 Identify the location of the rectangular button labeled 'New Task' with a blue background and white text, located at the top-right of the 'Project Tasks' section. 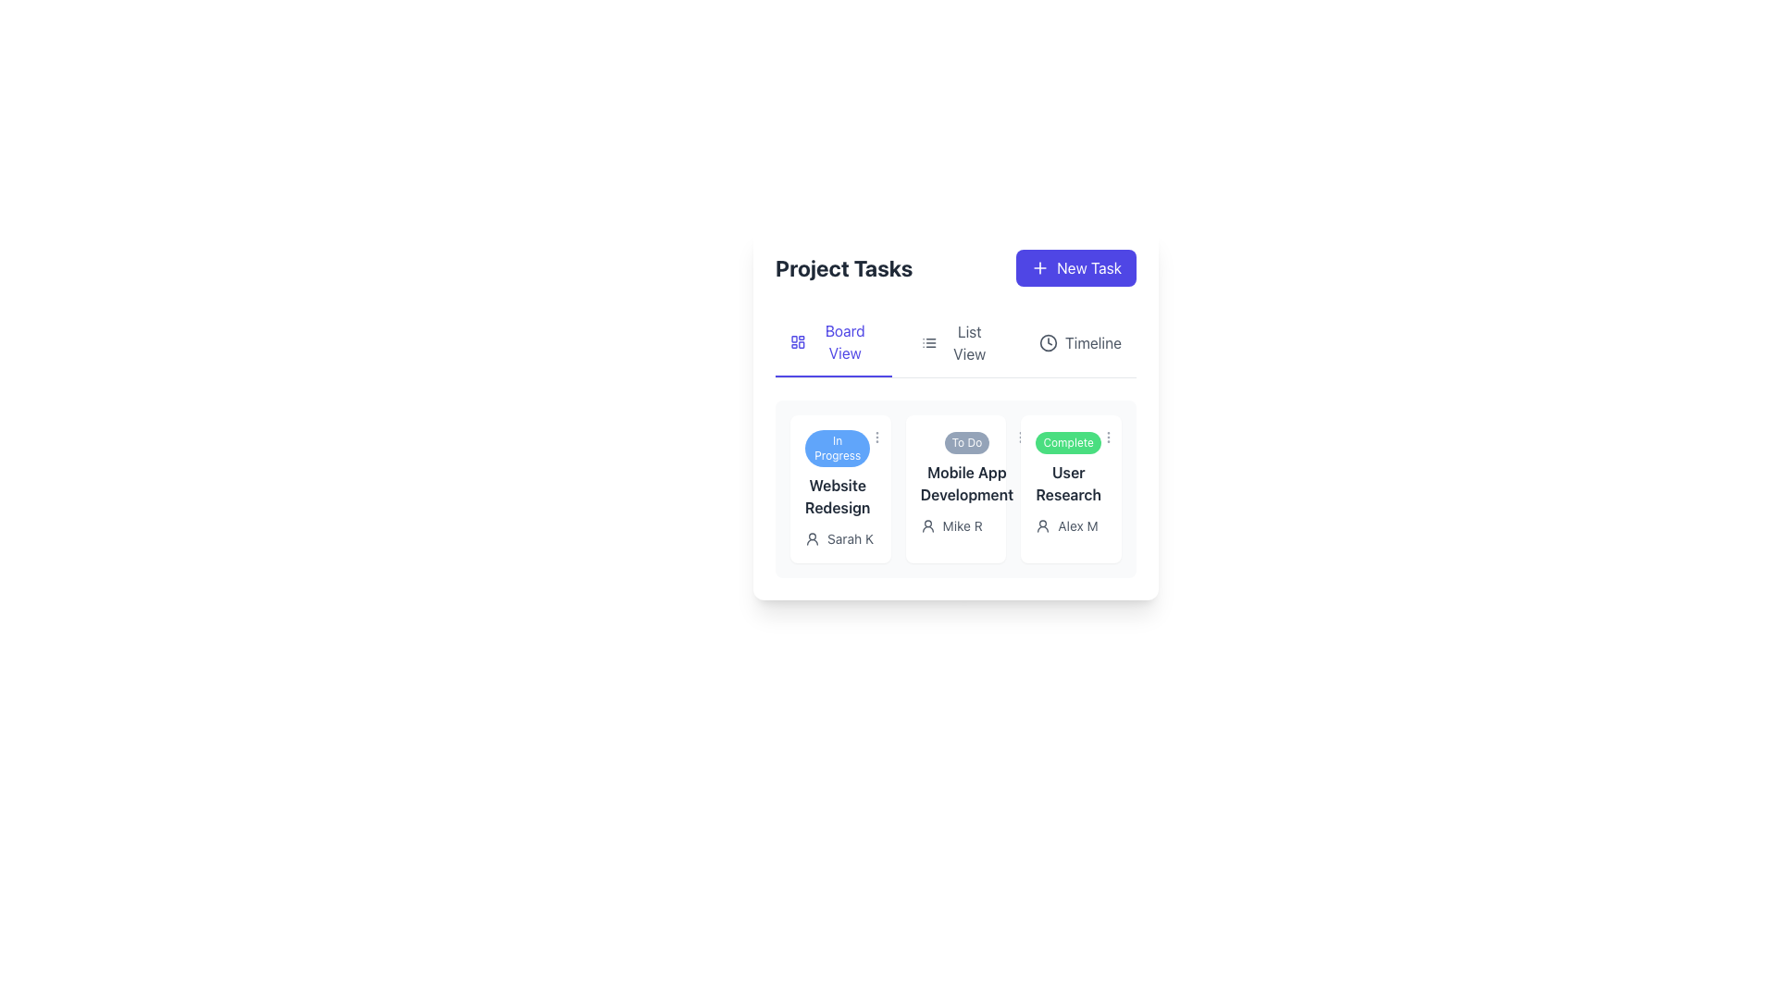
(1076, 267).